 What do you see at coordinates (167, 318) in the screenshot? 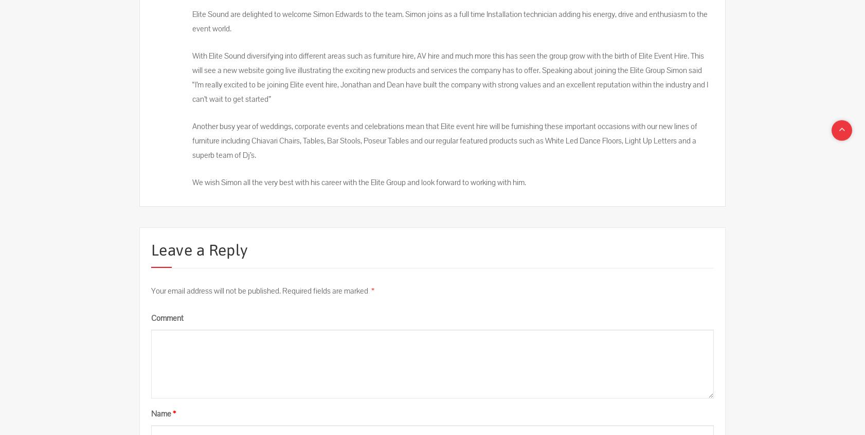
I see `'Comment'` at bounding box center [167, 318].